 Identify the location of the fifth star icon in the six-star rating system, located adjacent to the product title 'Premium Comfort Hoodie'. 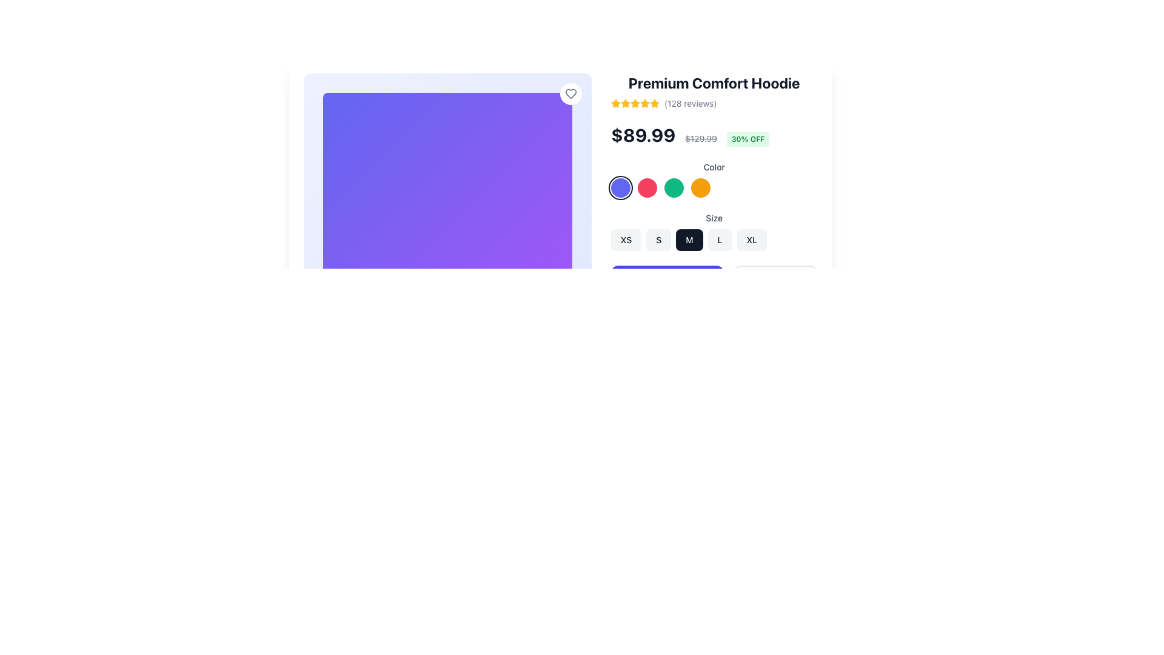
(644, 102).